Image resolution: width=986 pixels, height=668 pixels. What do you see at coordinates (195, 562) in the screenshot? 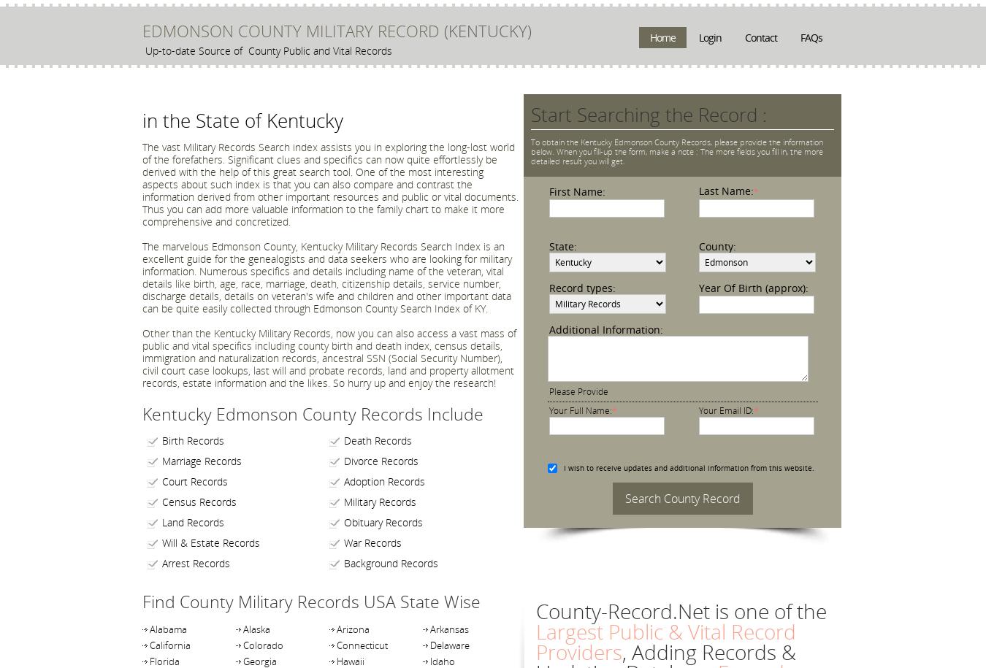
I see `'Arrest Records'` at bounding box center [195, 562].